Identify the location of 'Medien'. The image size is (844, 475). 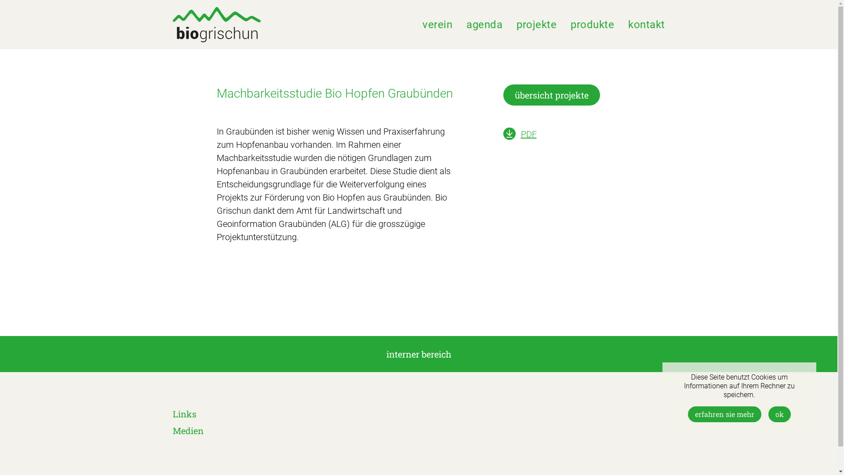
(187, 430).